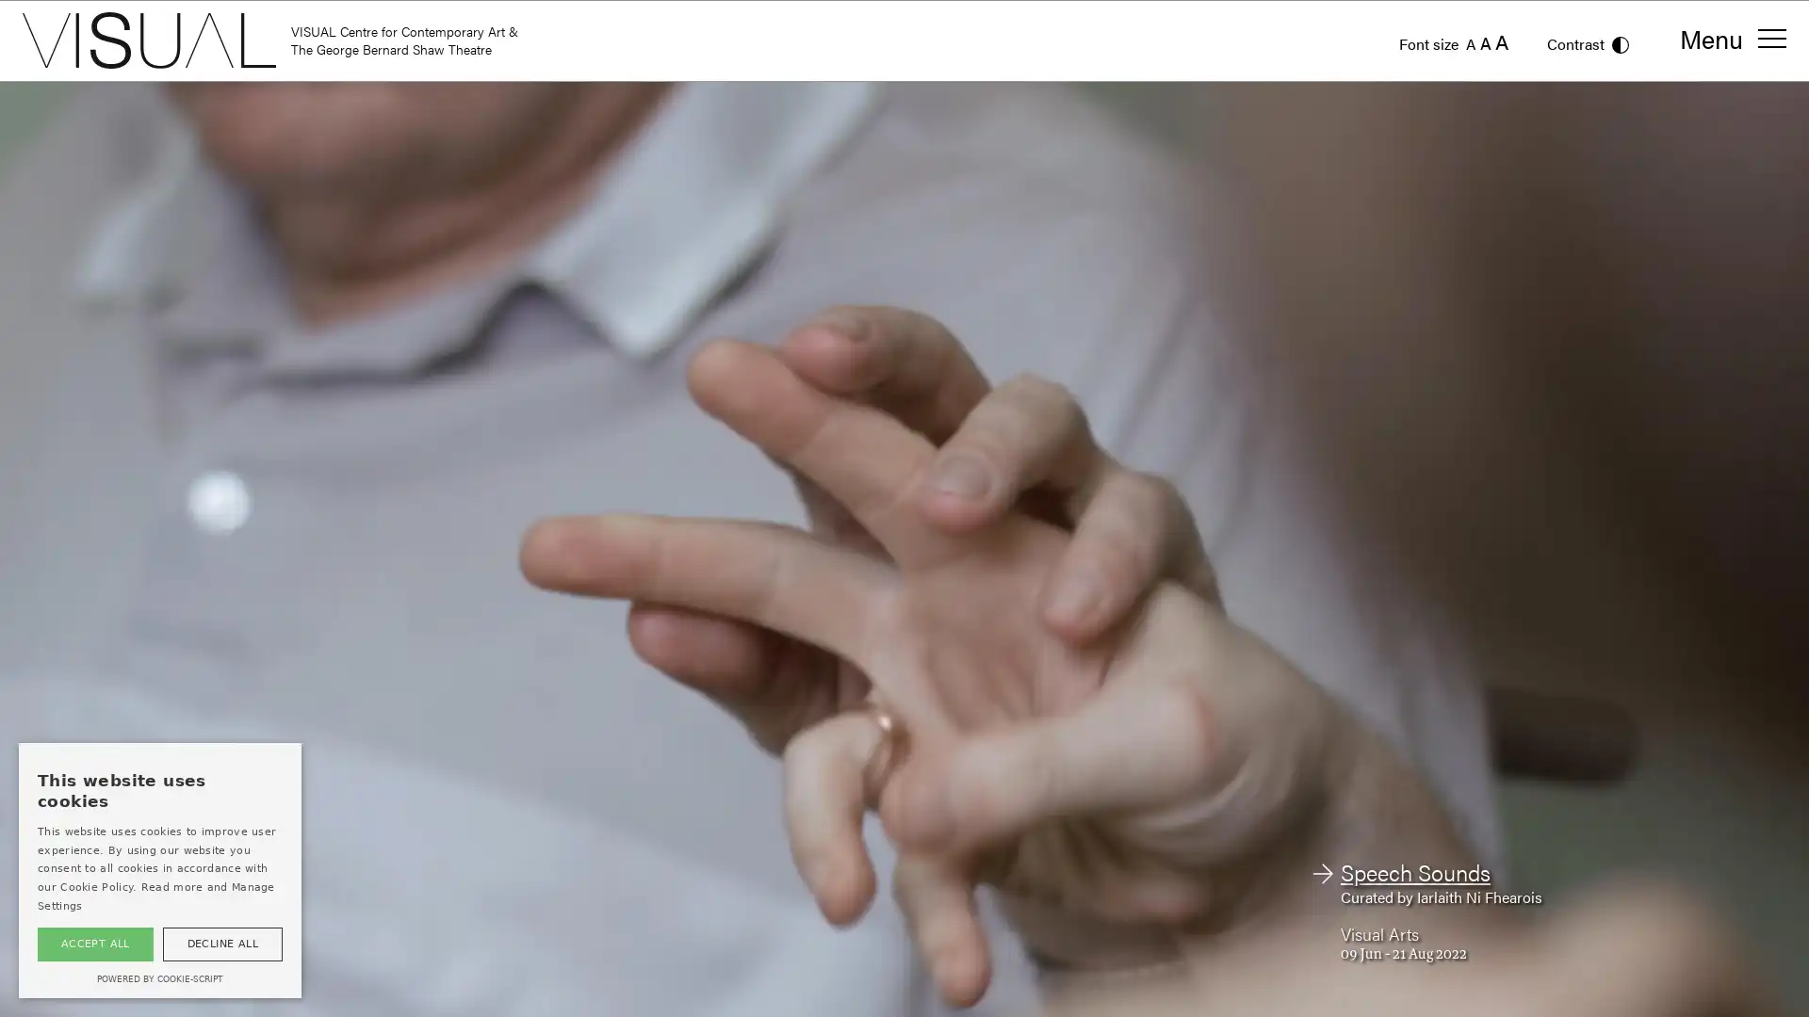  Describe the element at coordinates (1733, 40) in the screenshot. I see `Menu` at that location.